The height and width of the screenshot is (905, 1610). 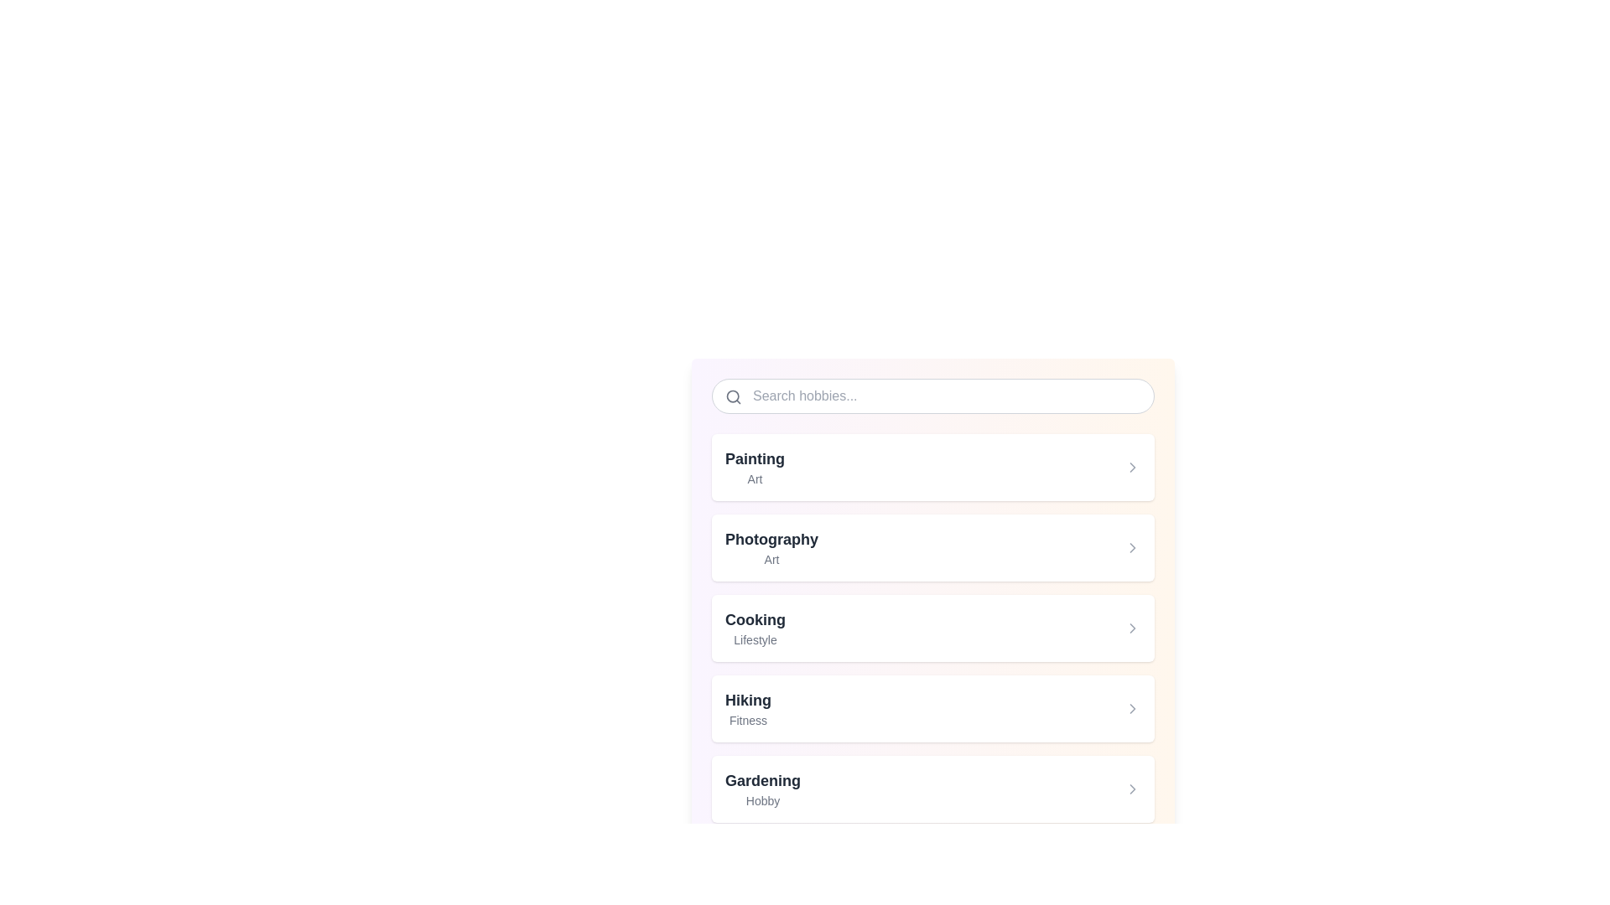 What do you see at coordinates (754, 468) in the screenshot?
I see `the 'Painting' text label, which is the first item in a vertical list under the search bar, indicating it relates to the 'Art' category` at bounding box center [754, 468].